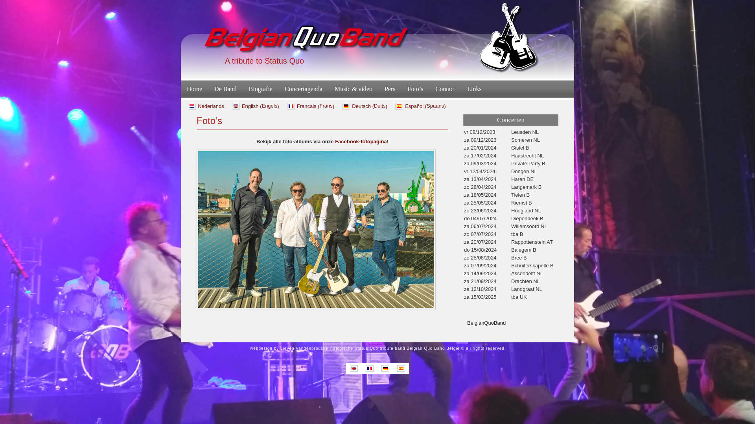 Image resolution: width=755 pixels, height=424 pixels. Describe the element at coordinates (255, 106) in the screenshot. I see `'English (Engels)'` at that location.